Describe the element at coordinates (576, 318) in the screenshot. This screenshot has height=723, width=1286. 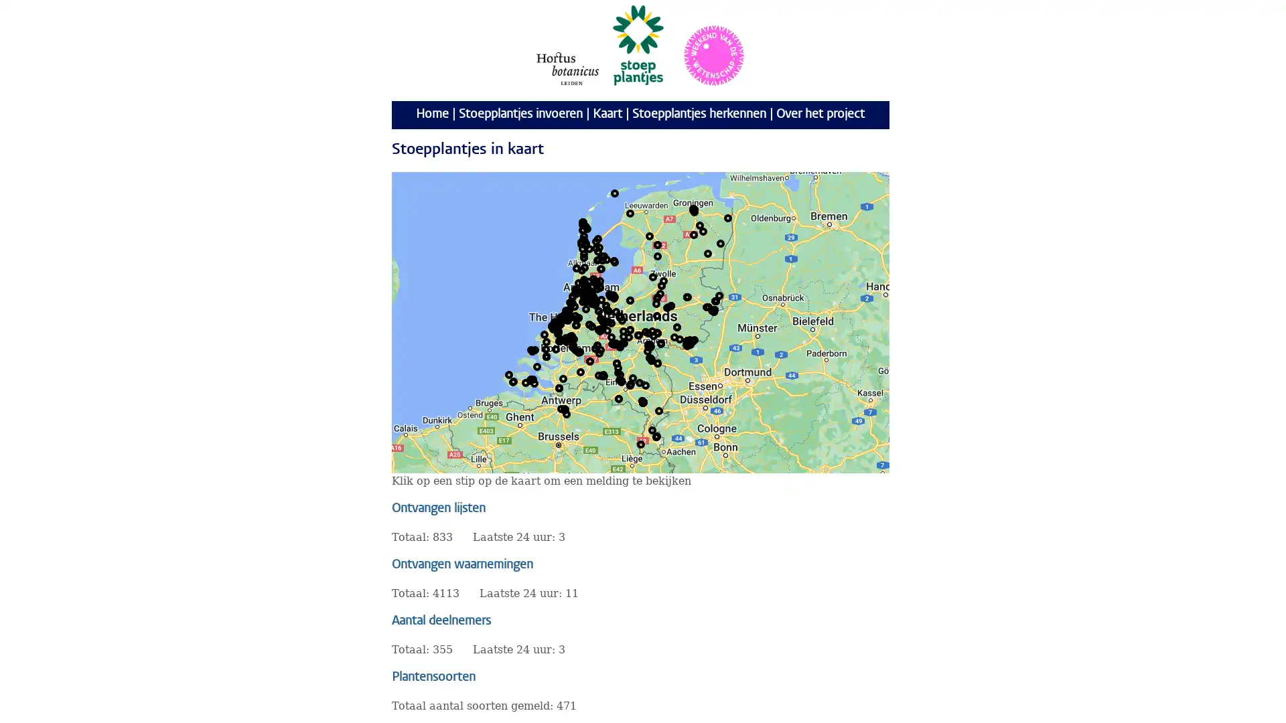
I see `Telling van Daphne op 26 februari 2022` at that location.